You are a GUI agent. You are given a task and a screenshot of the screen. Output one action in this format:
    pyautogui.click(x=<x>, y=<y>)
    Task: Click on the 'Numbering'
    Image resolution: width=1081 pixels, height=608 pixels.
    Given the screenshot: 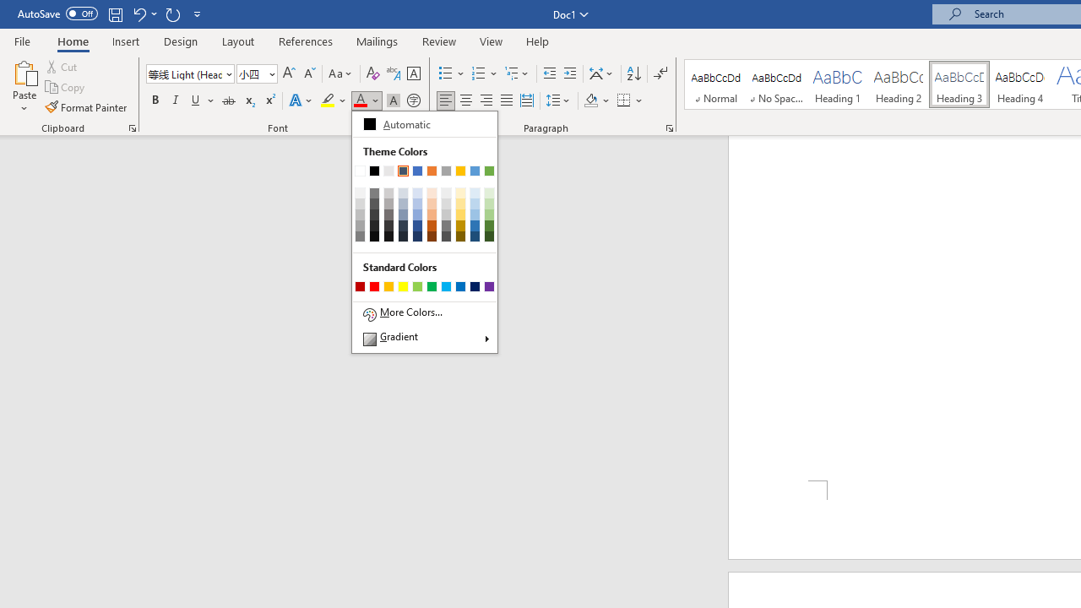 What is the action you would take?
    pyautogui.click(x=484, y=73)
    